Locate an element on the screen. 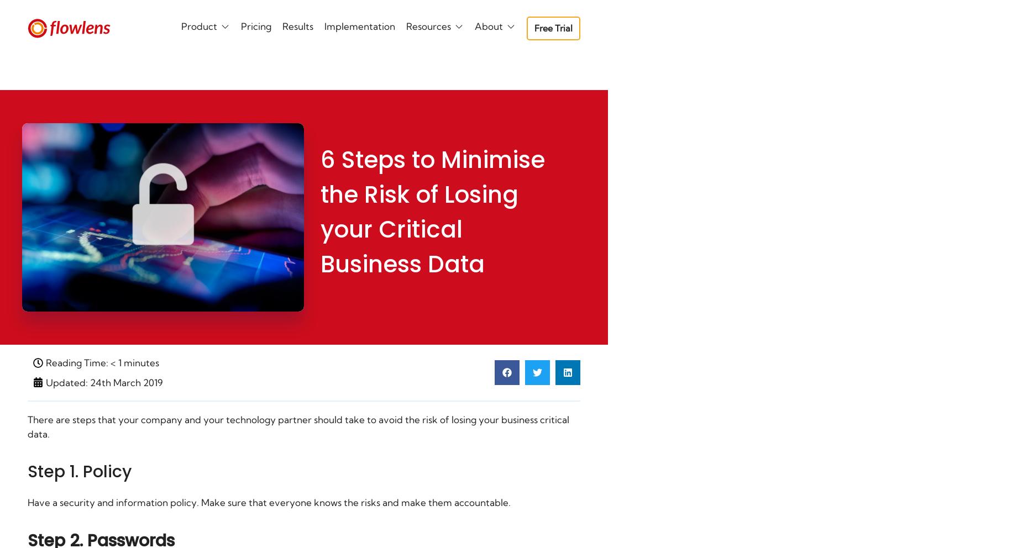 Image resolution: width=1033 pixels, height=548 pixels. 'Updated: 24th March 2019' is located at coordinates (103, 381).